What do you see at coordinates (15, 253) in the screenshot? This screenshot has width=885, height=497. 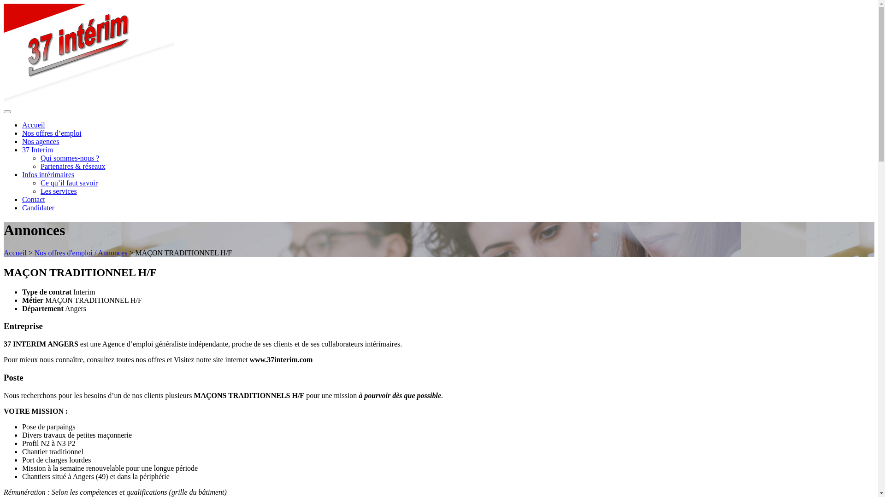 I see `'Accueil'` at bounding box center [15, 253].